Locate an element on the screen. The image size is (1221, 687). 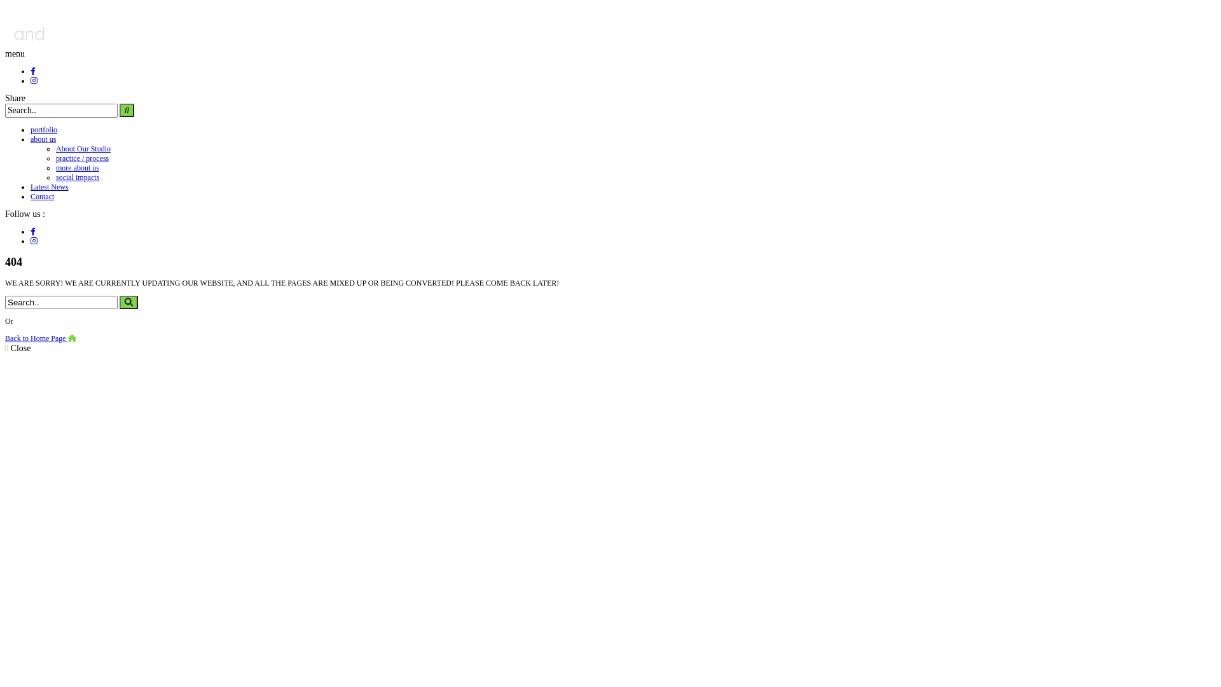
'Contact' is located at coordinates (42, 196).